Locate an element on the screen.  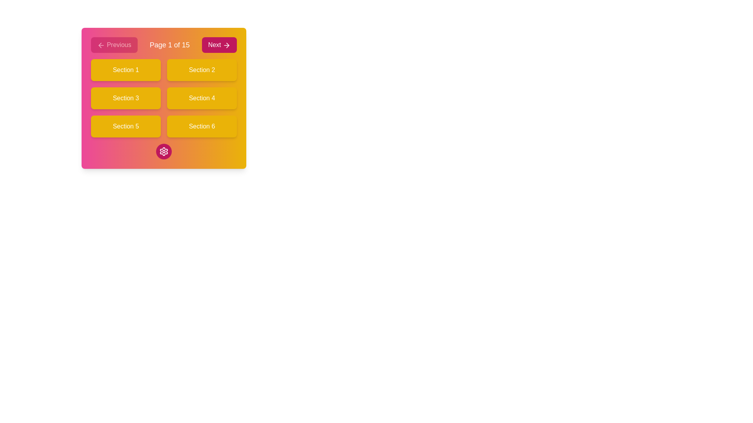
the rightward arrow icon within the 'Next' button located in the top-right section of the interface is located at coordinates (227, 45).